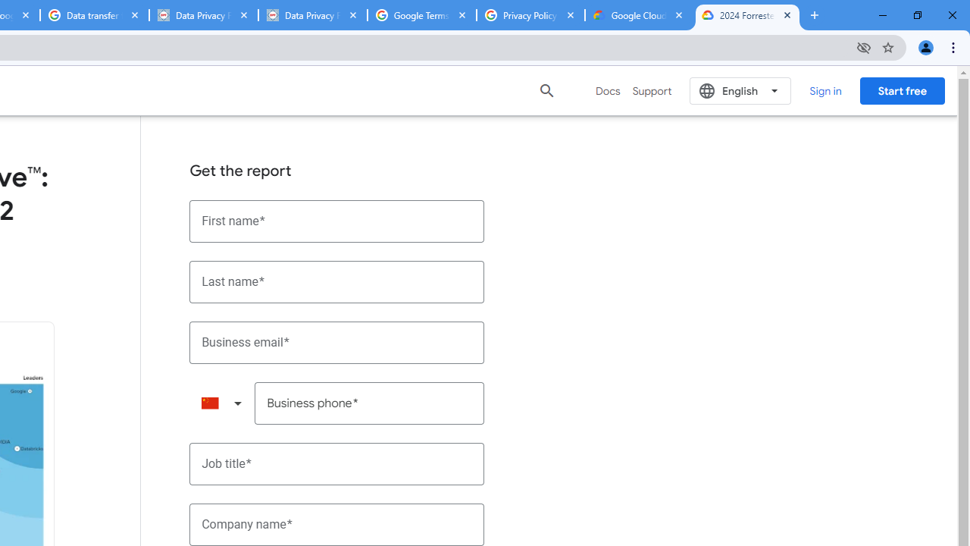 The image size is (970, 546). Describe the element at coordinates (336, 281) in the screenshot. I see `'Last name*'` at that location.